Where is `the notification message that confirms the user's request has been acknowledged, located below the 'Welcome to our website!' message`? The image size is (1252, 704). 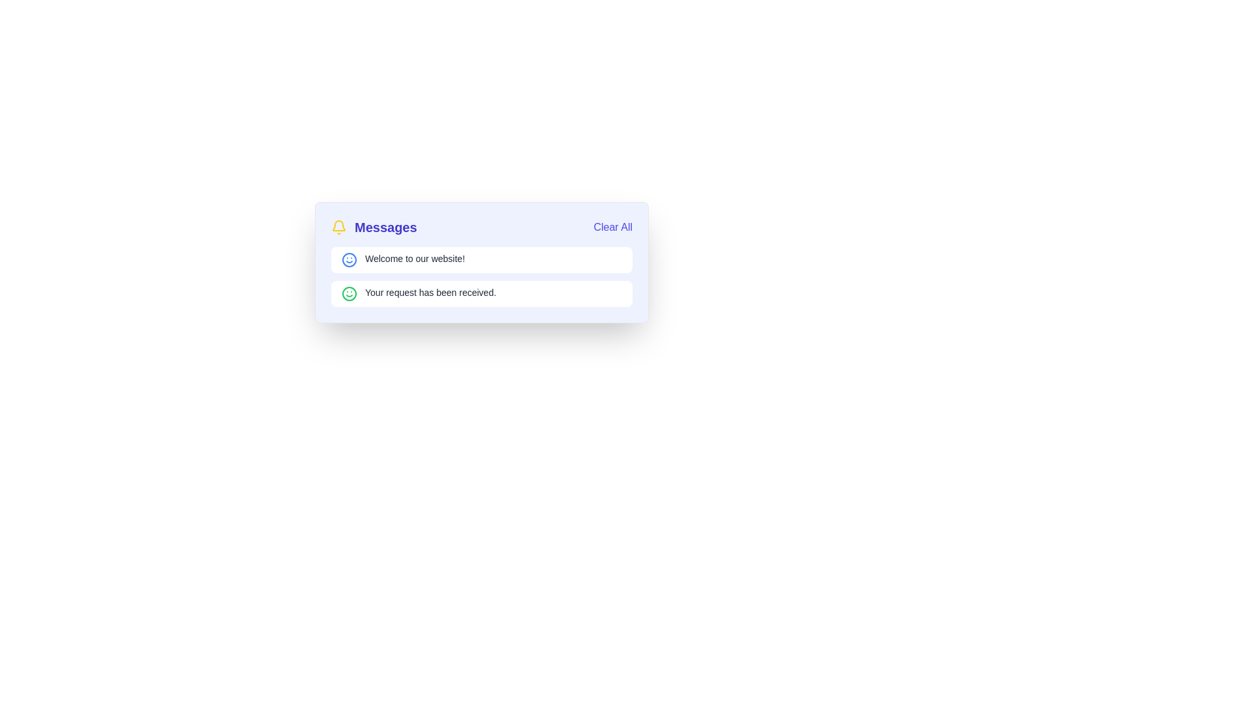 the notification message that confirms the user's request has been acknowledged, located below the 'Welcome to our website!' message is located at coordinates (481, 294).